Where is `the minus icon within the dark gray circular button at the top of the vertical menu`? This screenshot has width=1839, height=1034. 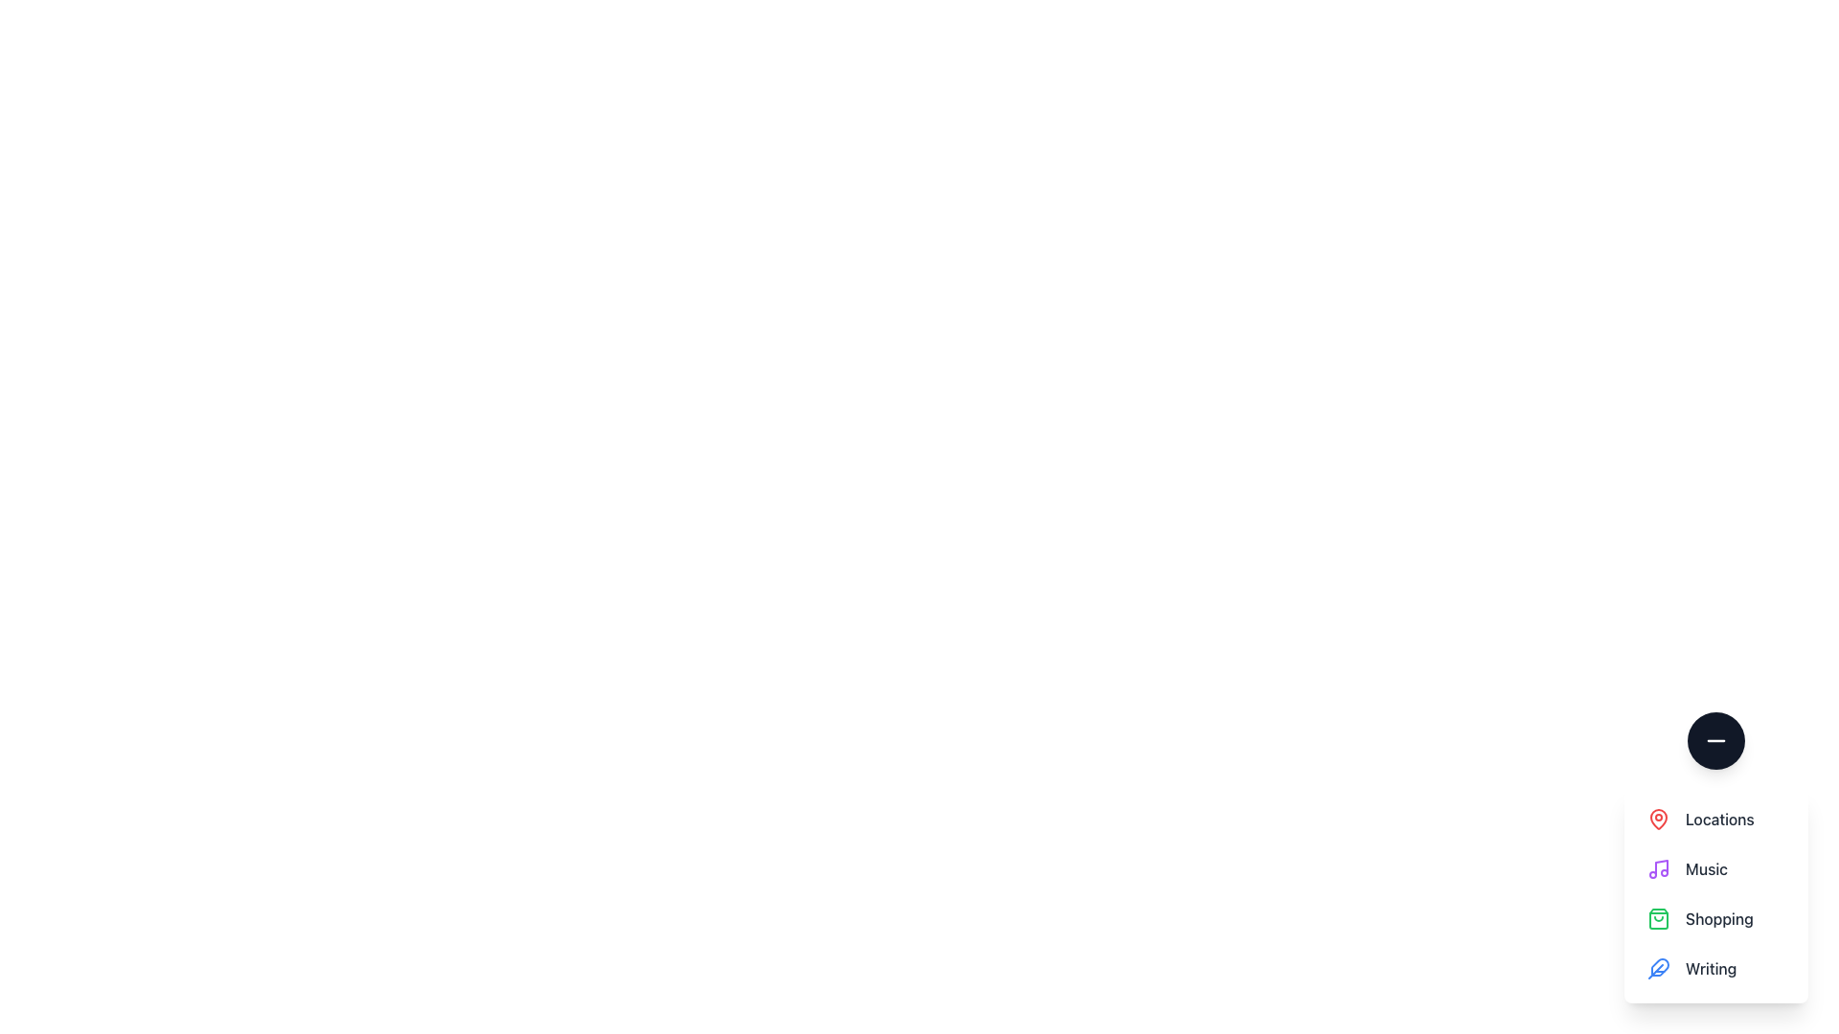 the minus icon within the dark gray circular button at the top of the vertical menu is located at coordinates (1715, 740).